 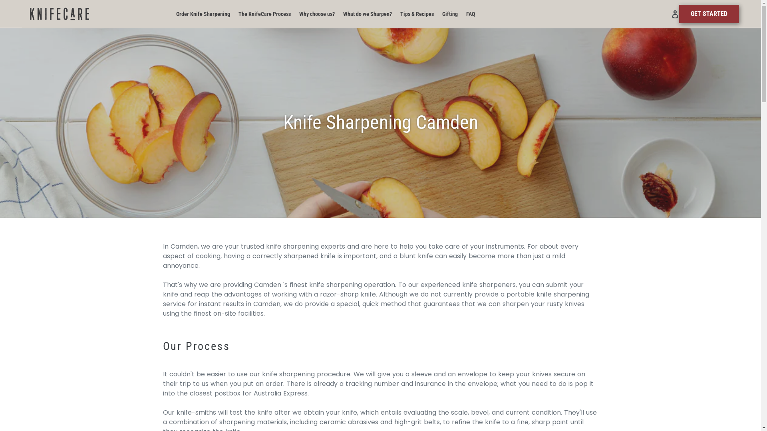 I want to click on 'What do we Sharpen?', so click(x=367, y=14).